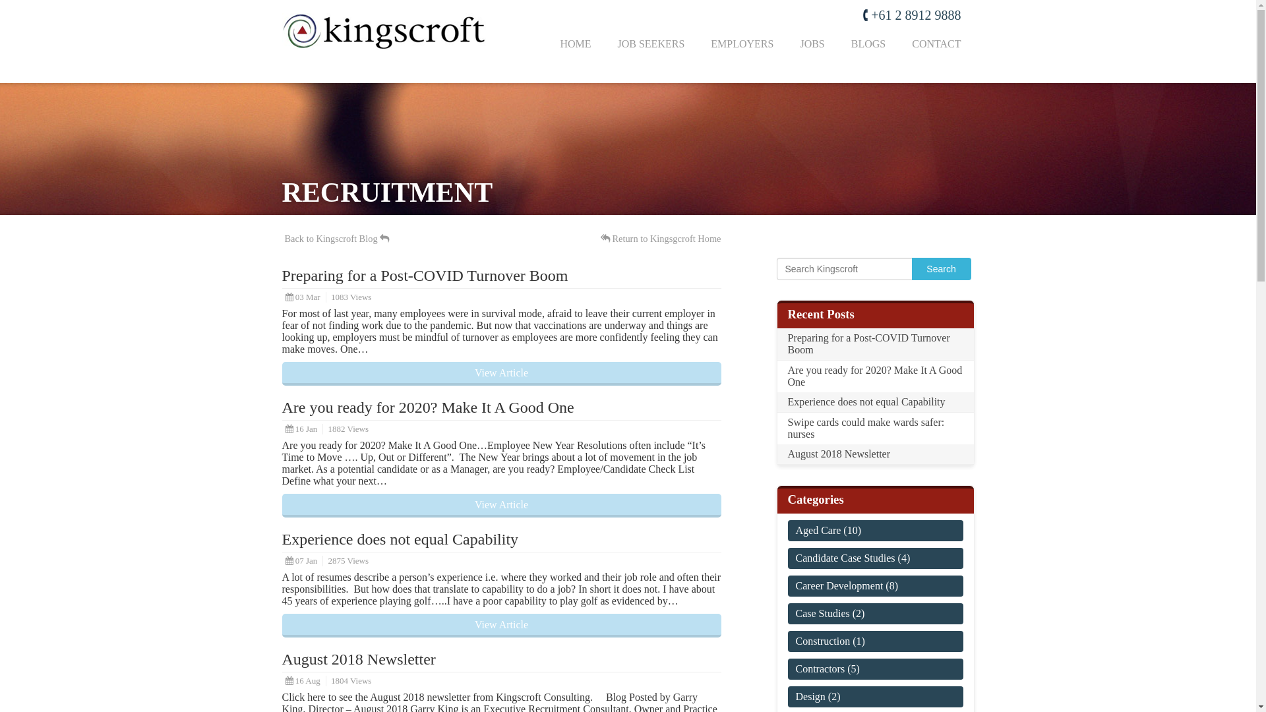 The width and height of the screenshot is (1266, 712). What do you see at coordinates (819, 668) in the screenshot?
I see `'Contractors'` at bounding box center [819, 668].